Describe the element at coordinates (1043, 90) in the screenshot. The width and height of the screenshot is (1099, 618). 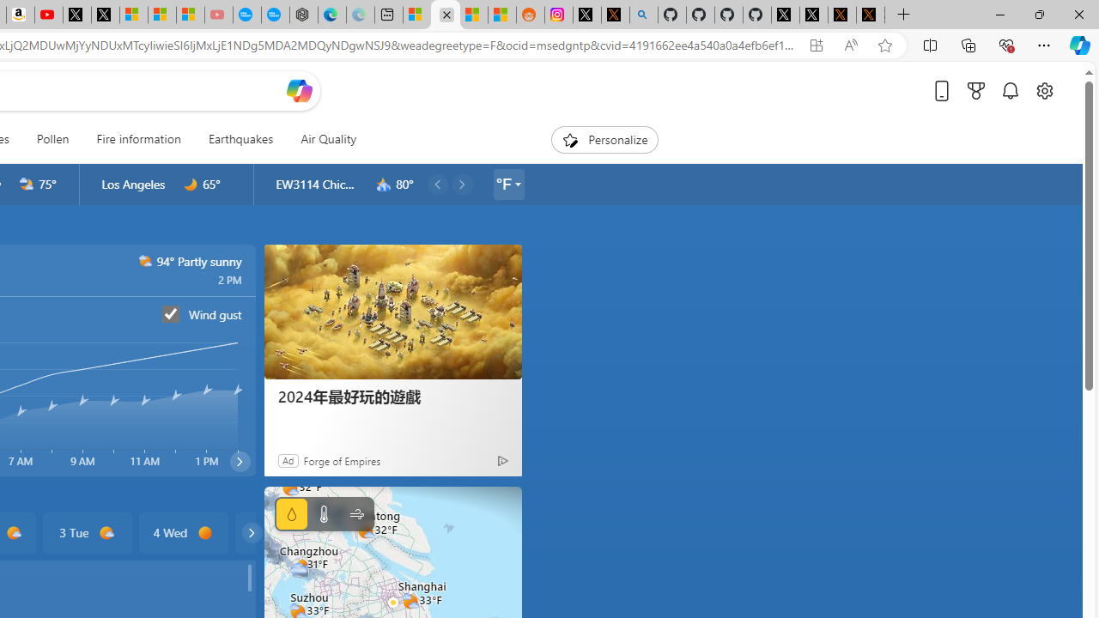
I see `'Open settings'` at that location.